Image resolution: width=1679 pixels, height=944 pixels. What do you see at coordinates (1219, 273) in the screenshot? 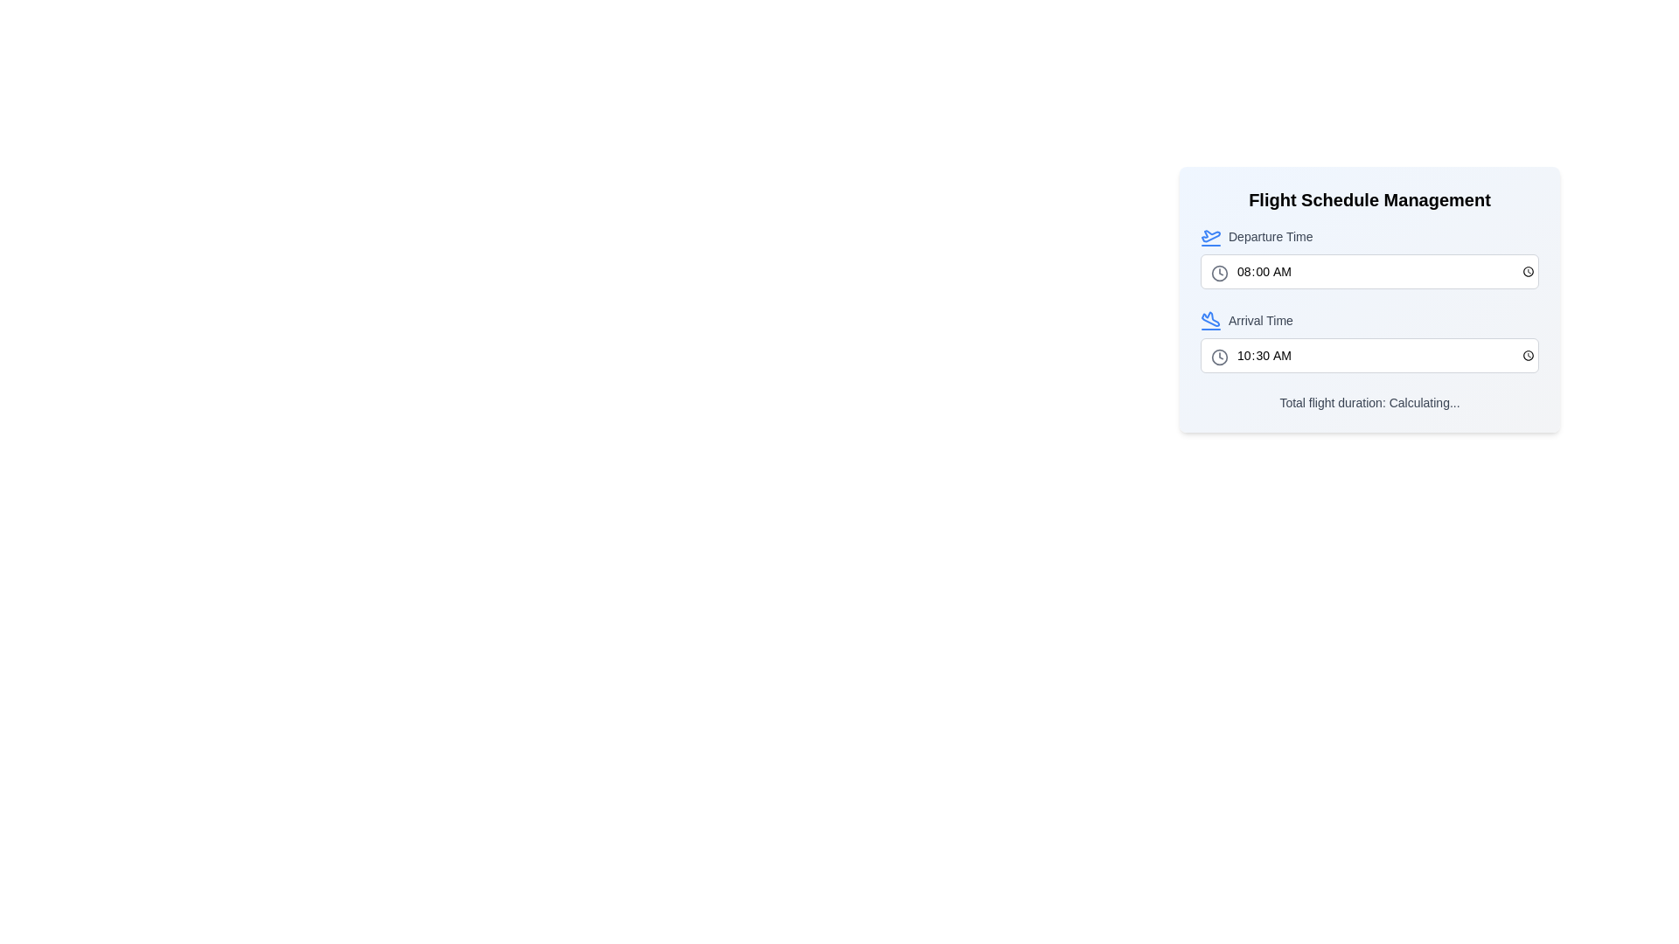
I see `the circular component of the clock icon that visually supports the 'Departure Time' field` at bounding box center [1219, 273].